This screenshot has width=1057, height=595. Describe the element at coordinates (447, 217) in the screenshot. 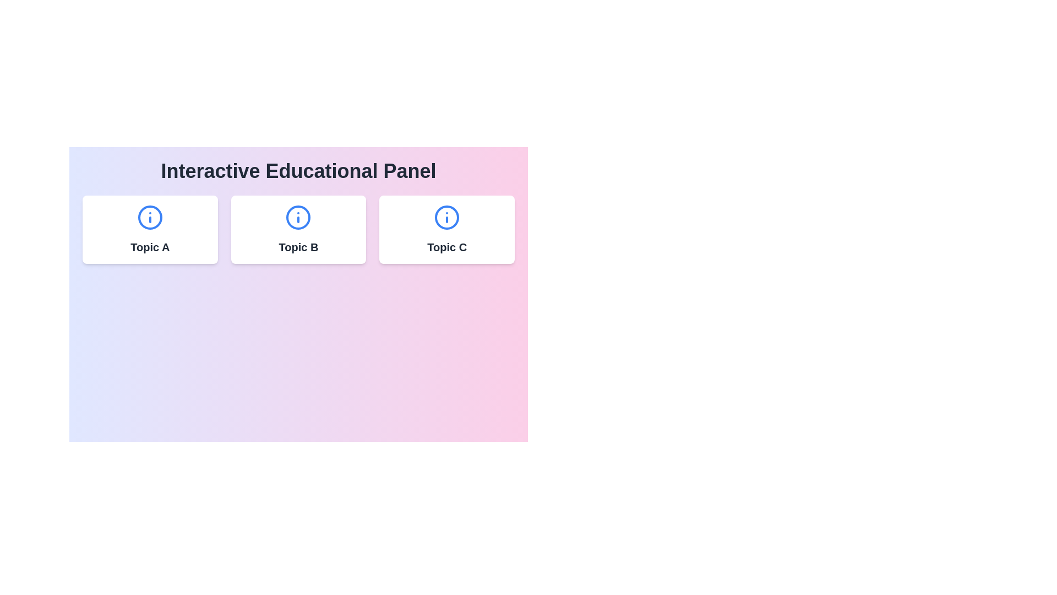

I see `the circular info icon with a blue border that represents 'Topic C'` at that location.